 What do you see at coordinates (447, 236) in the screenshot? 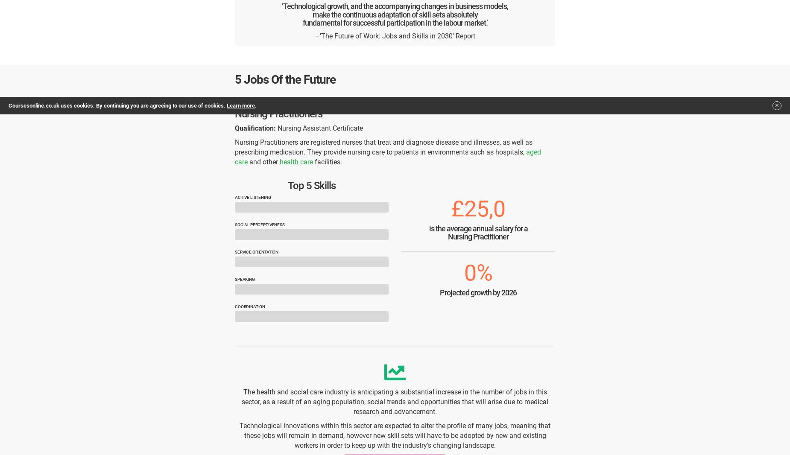
I see `'Nursing Practitioner'` at bounding box center [447, 236].